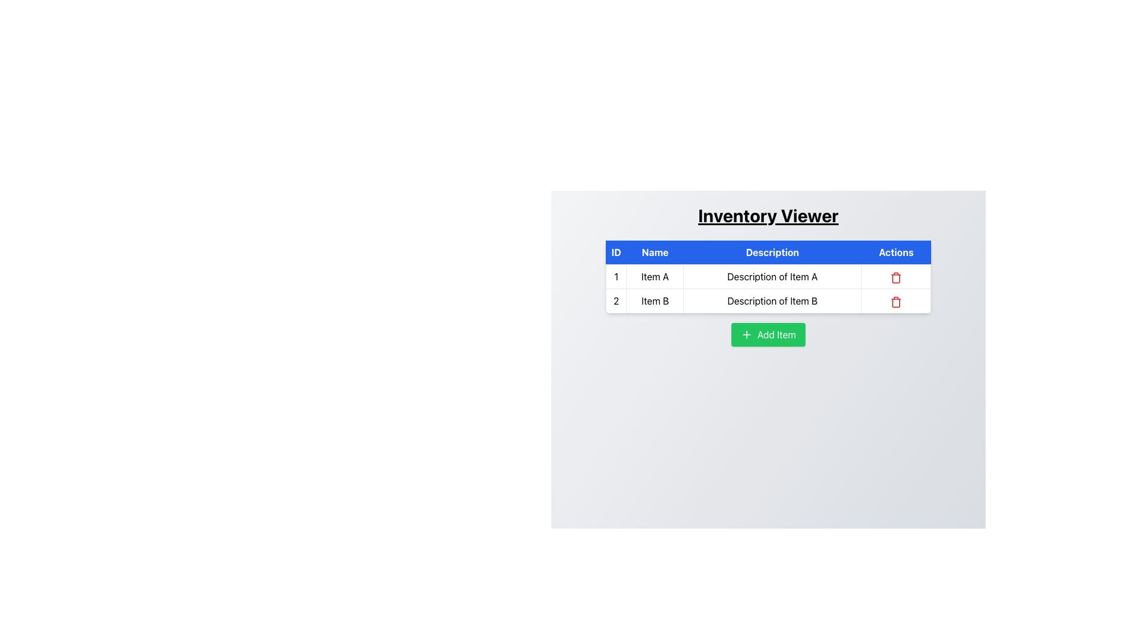 This screenshot has width=1138, height=640. Describe the element at coordinates (896, 301) in the screenshot. I see `the delete icon button in the Actions column of the second row` at that location.